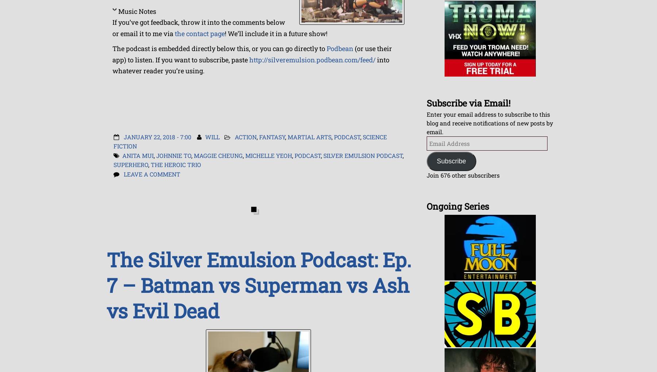  I want to click on 'If you’ve got feedback, throw it into the comments below or email it to me via', so click(112, 27).